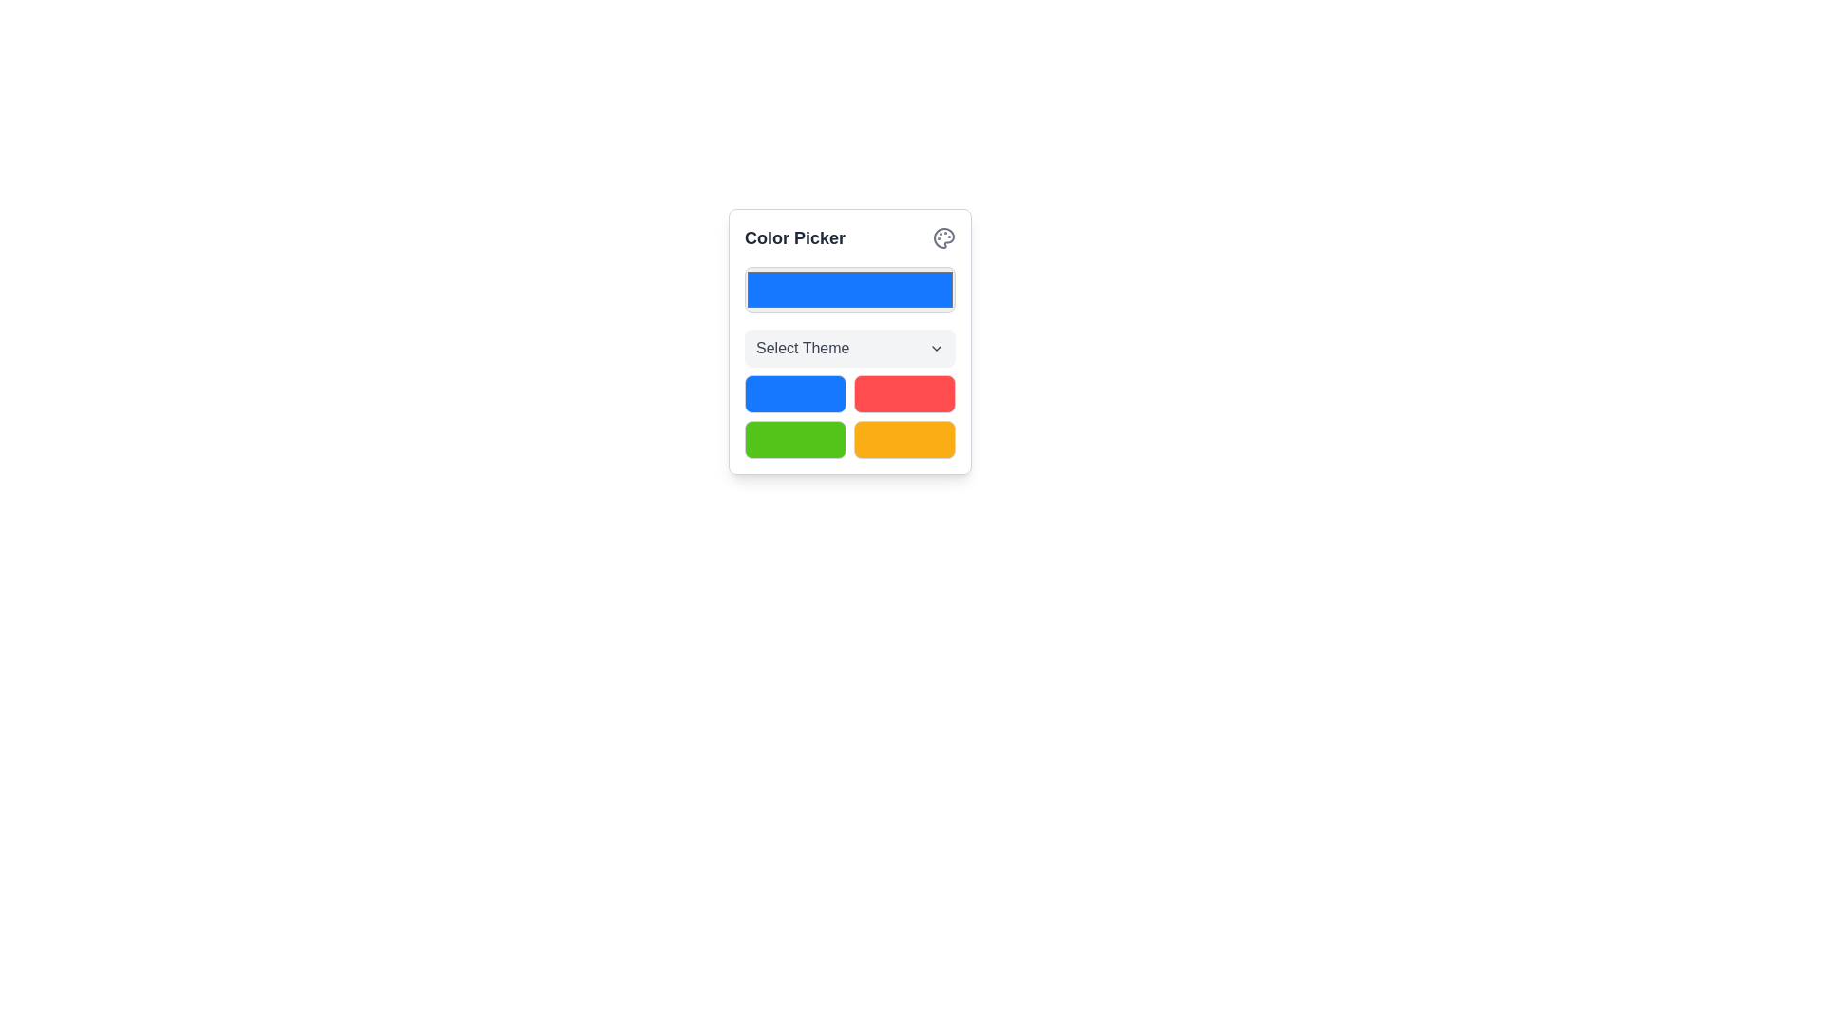  What do you see at coordinates (848, 289) in the screenshot?
I see `the rectangular Color Picker Input with a blue fill and rounded corners, located below the 'Color Picker' title and above the 'Select Theme' button` at bounding box center [848, 289].